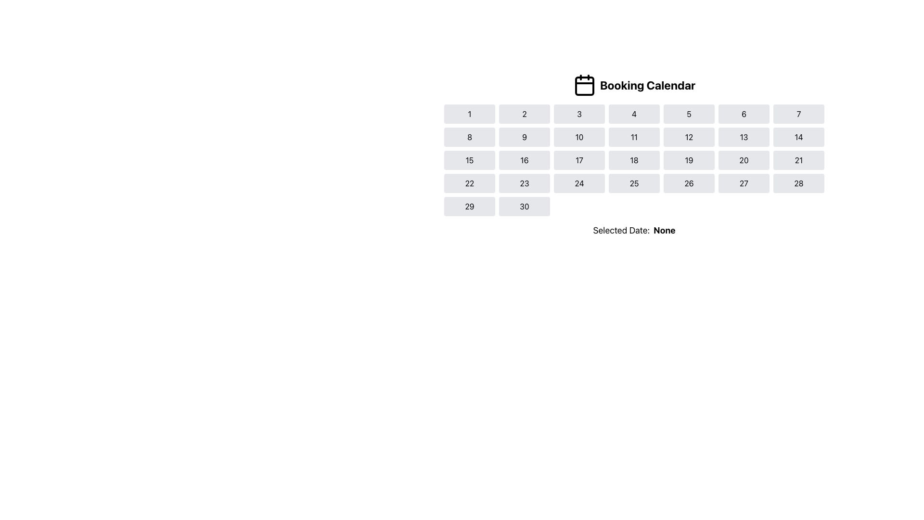 The image size is (924, 520). What do you see at coordinates (647, 85) in the screenshot?
I see `the bold text label reading 'Booking Calendar', which is positioned immediately to the right of the calendar icon, located near the top-center area of the interface` at bounding box center [647, 85].